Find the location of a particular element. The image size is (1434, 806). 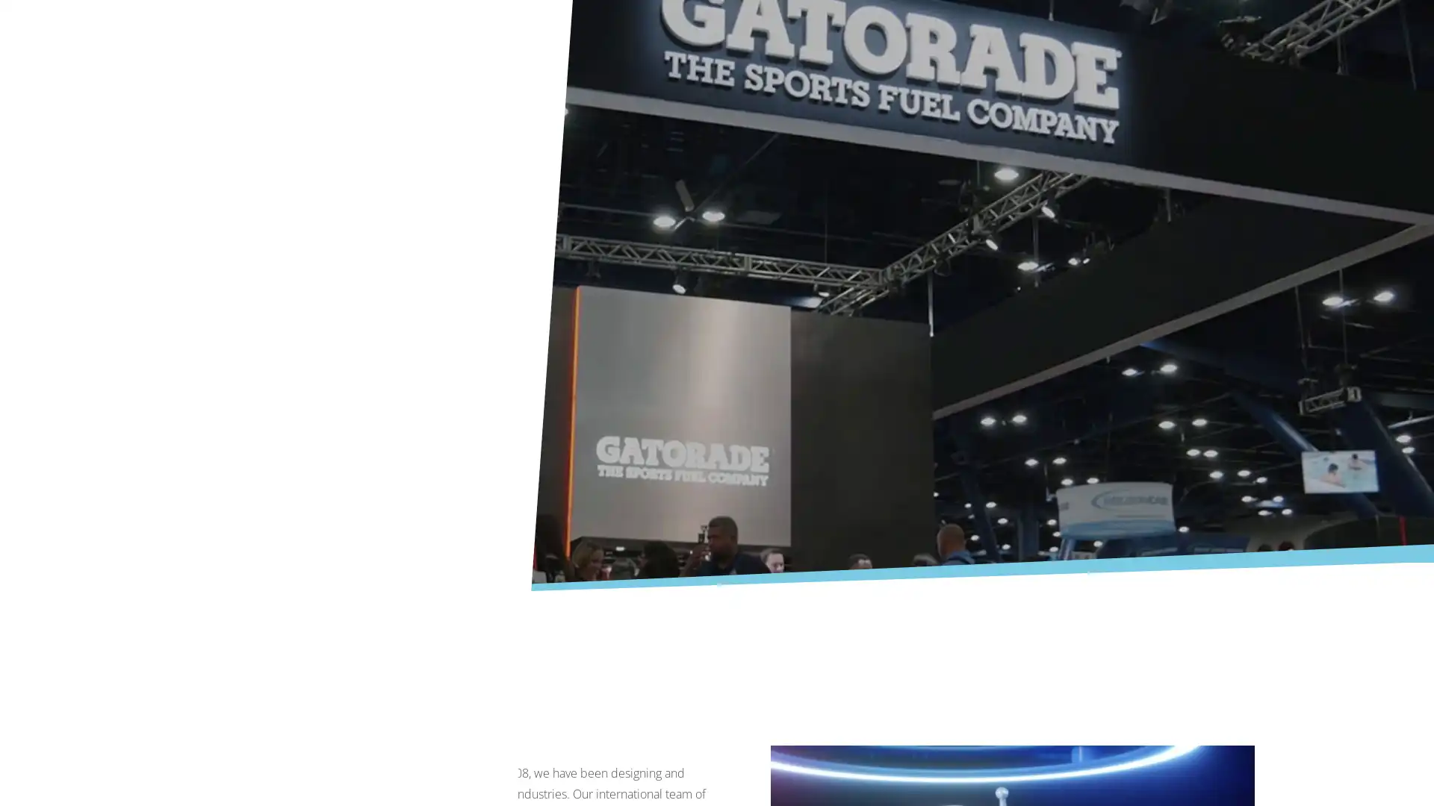

More Information is located at coordinates (689, 772).